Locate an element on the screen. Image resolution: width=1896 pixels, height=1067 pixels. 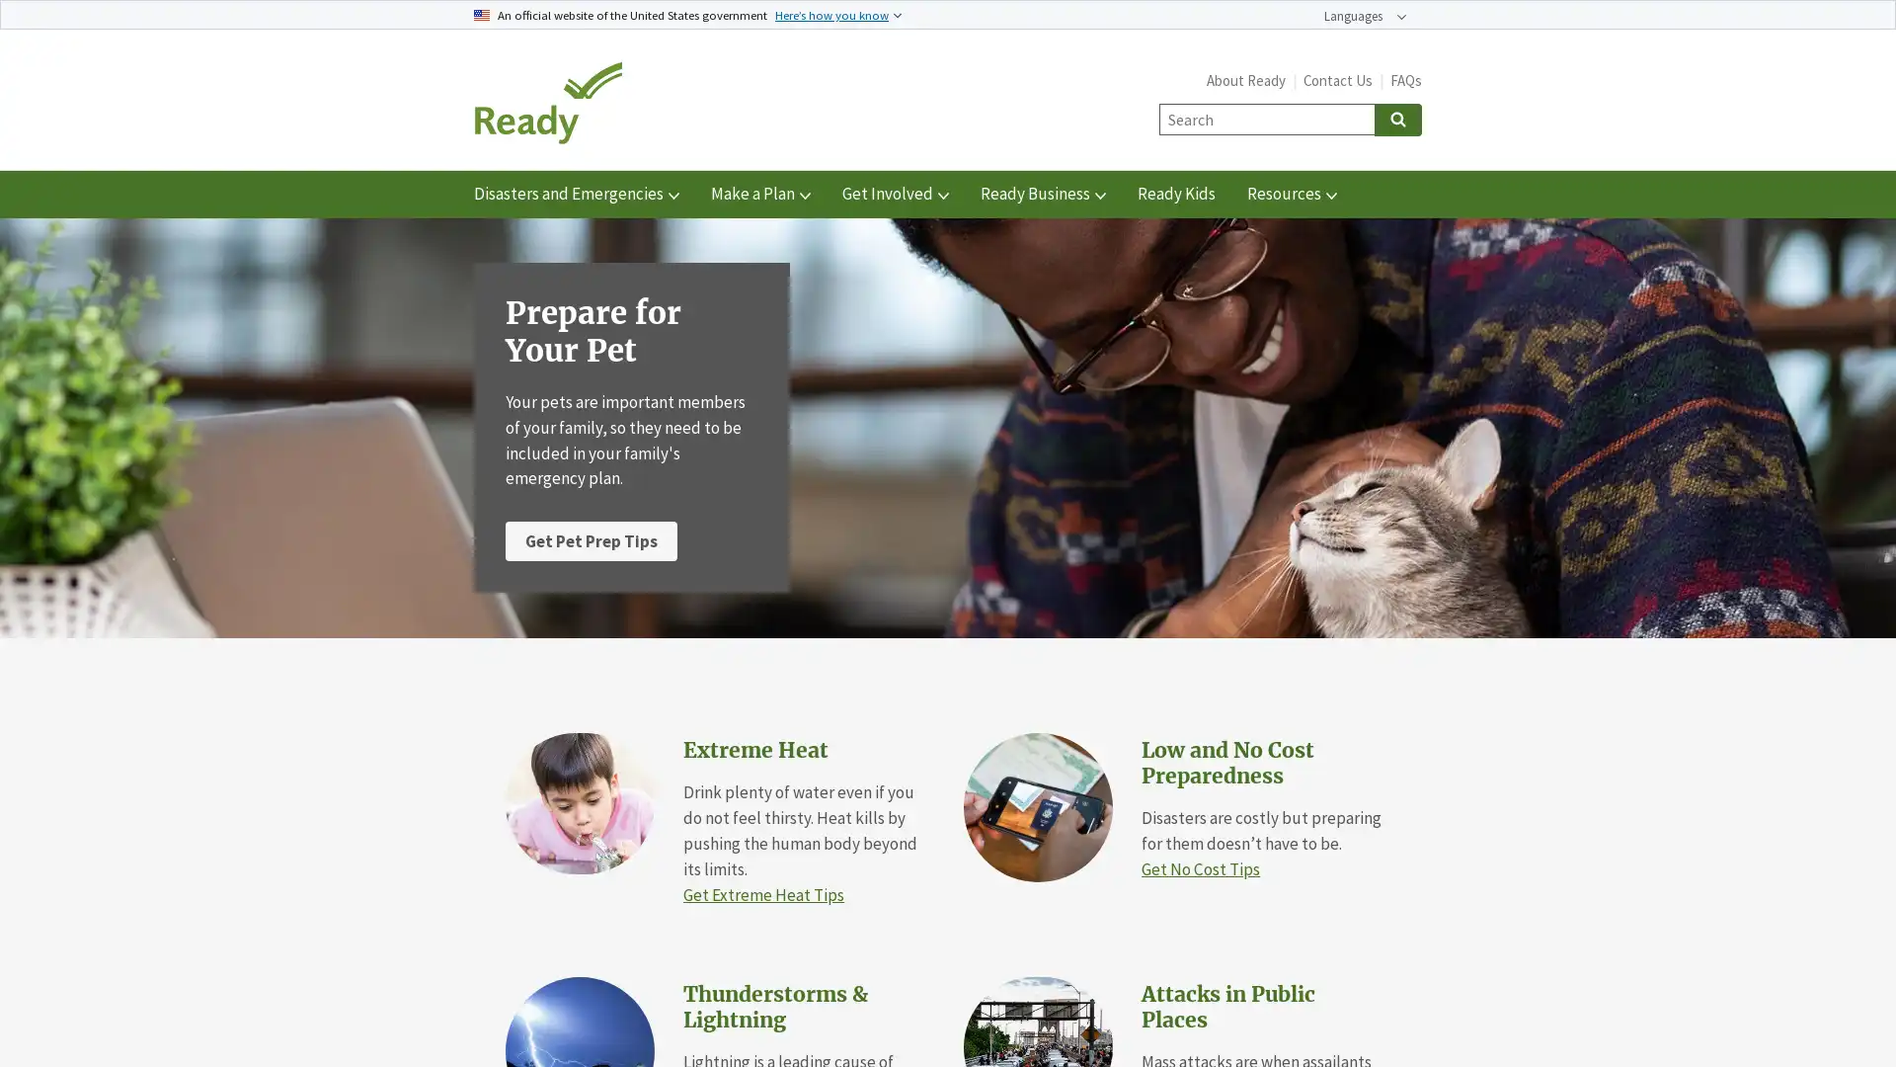
Resources is located at coordinates (1292, 194).